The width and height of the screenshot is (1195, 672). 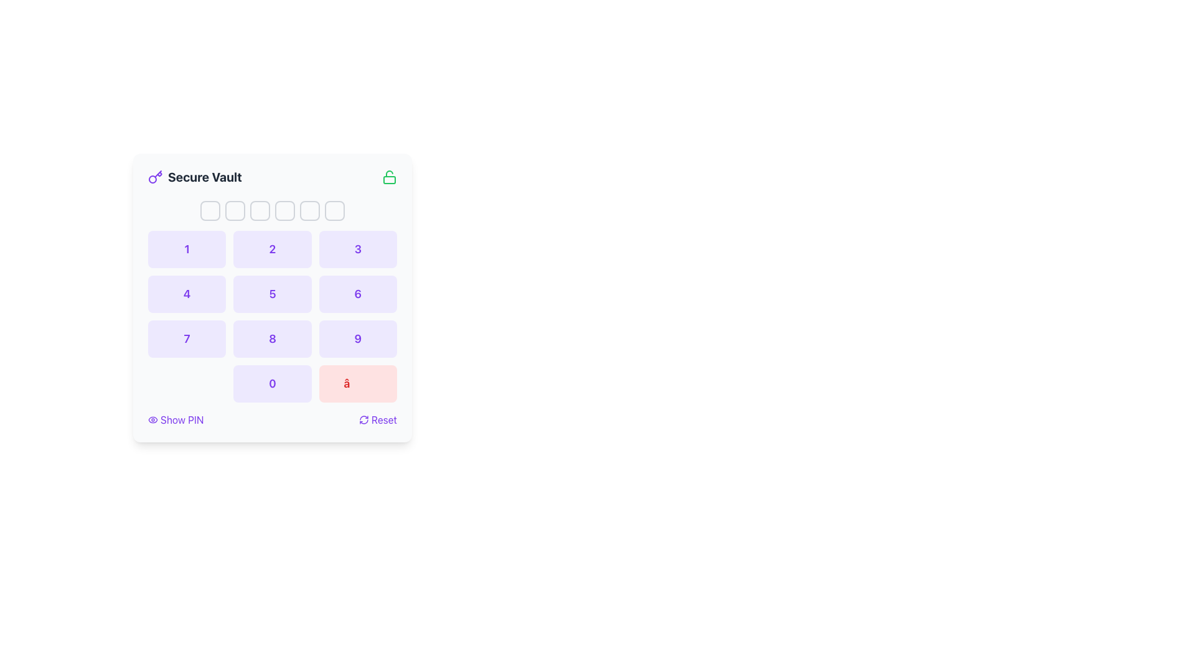 I want to click on the third square checkbox-like component for digit appearance in the PIN entry interface, so click(x=259, y=210).